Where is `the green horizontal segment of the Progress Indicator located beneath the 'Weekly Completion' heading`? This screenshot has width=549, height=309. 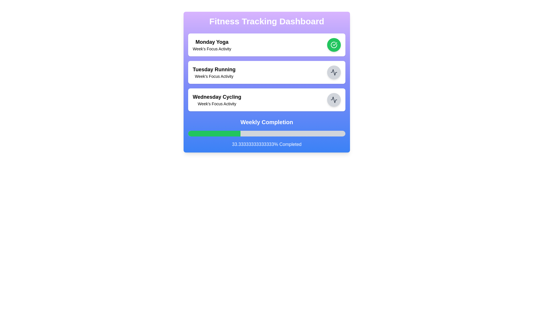 the green horizontal segment of the Progress Indicator located beneath the 'Weekly Completion' heading is located at coordinates (214, 133).